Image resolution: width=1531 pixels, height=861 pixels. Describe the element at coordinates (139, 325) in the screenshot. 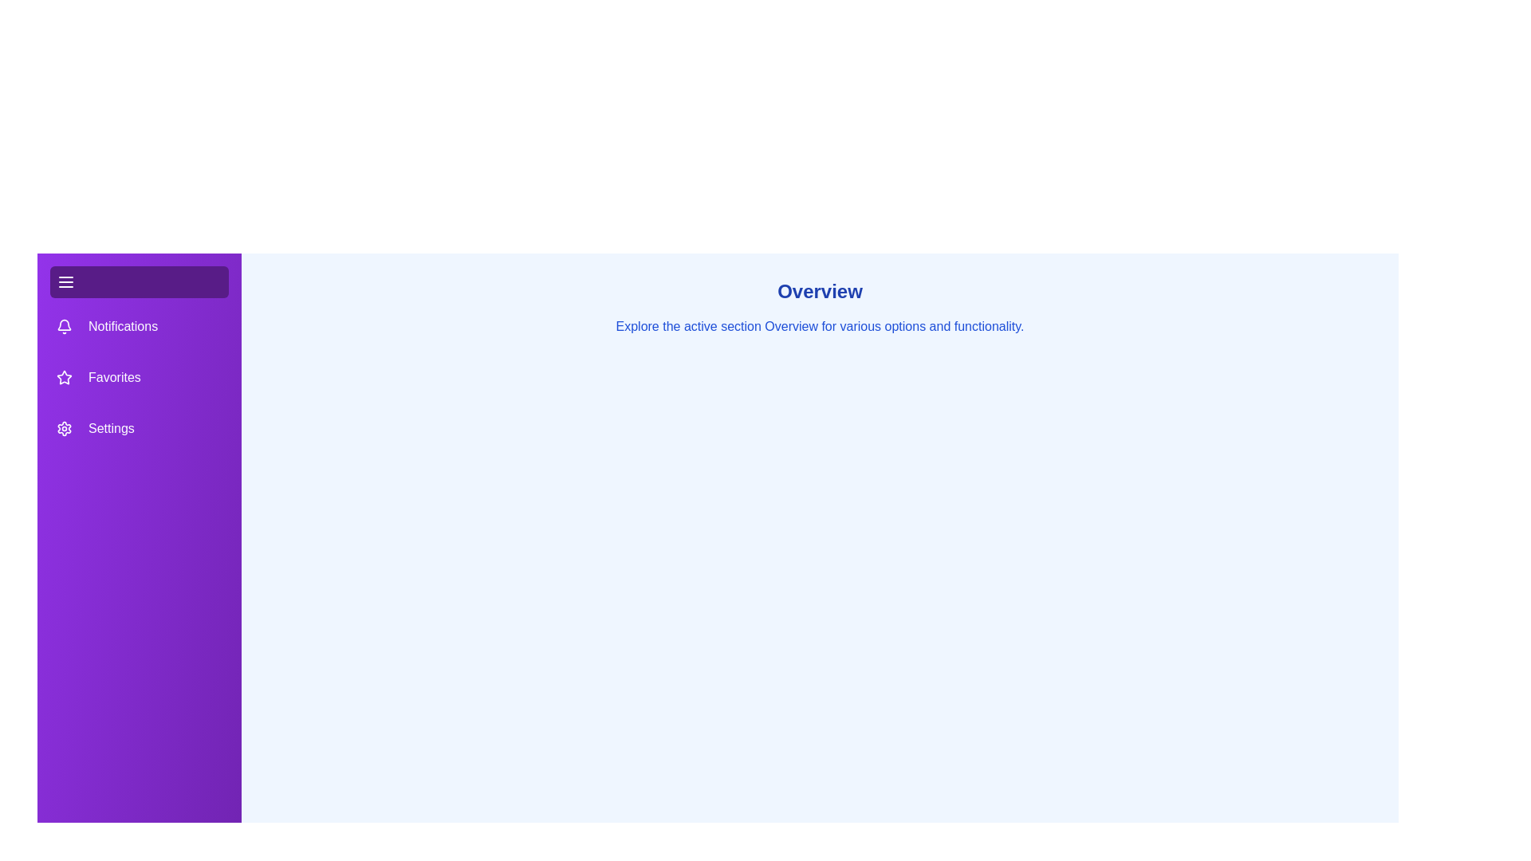

I see `the tab labeled Notifications in the drawer` at that location.